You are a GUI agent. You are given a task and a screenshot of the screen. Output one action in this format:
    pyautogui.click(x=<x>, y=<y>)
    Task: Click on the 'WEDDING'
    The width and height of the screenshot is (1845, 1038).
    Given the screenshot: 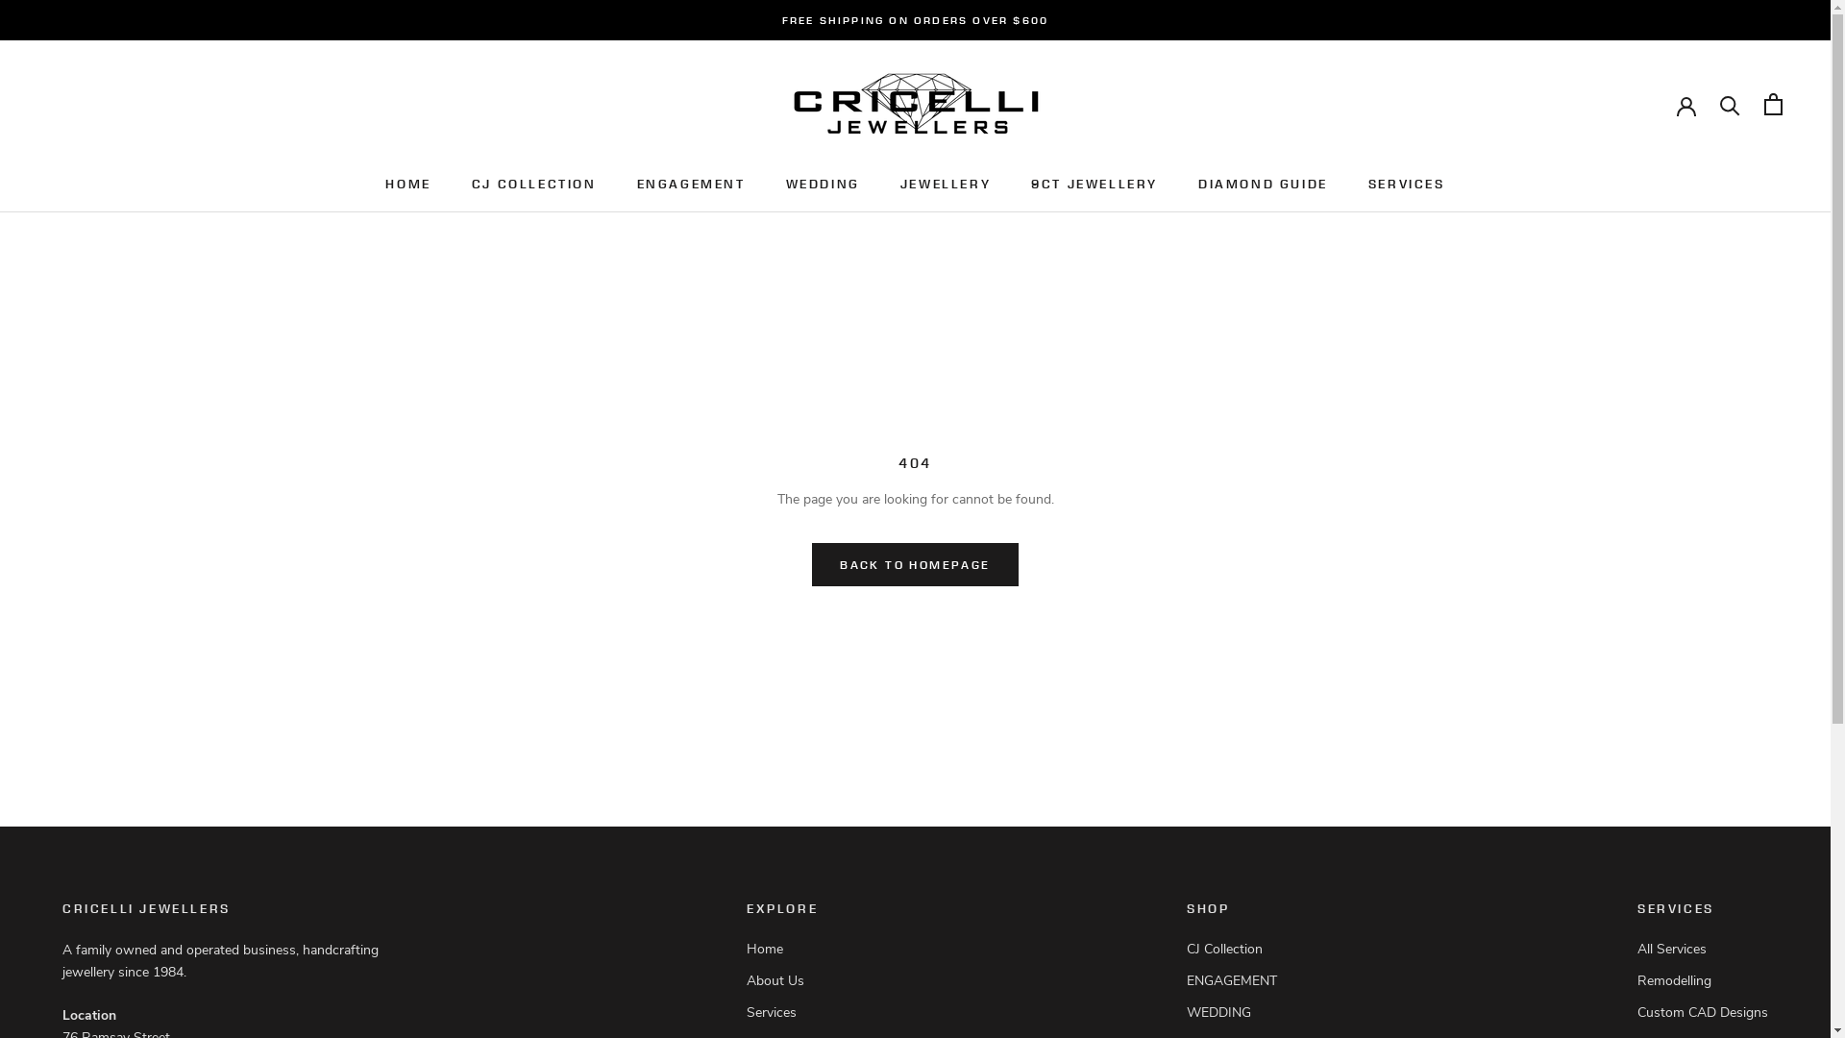 What is the action you would take?
    pyautogui.click(x=823, y=184)
    